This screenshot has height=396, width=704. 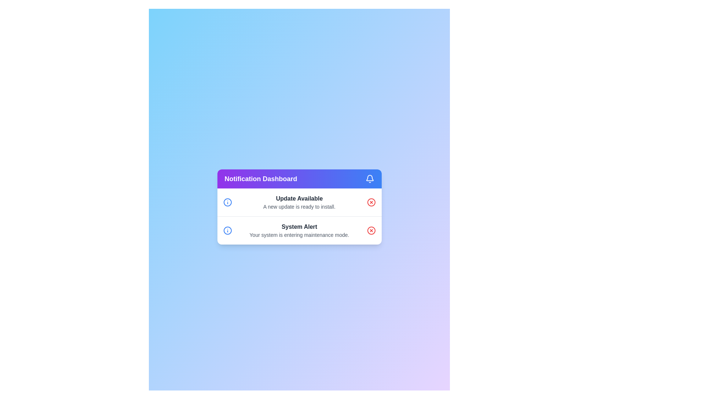 I want to click on the 'System Alert' static text block in the Notification Dashboard, which contains a bold heading and a description about the system entering maintenance mode, so click(x=299, y=230).